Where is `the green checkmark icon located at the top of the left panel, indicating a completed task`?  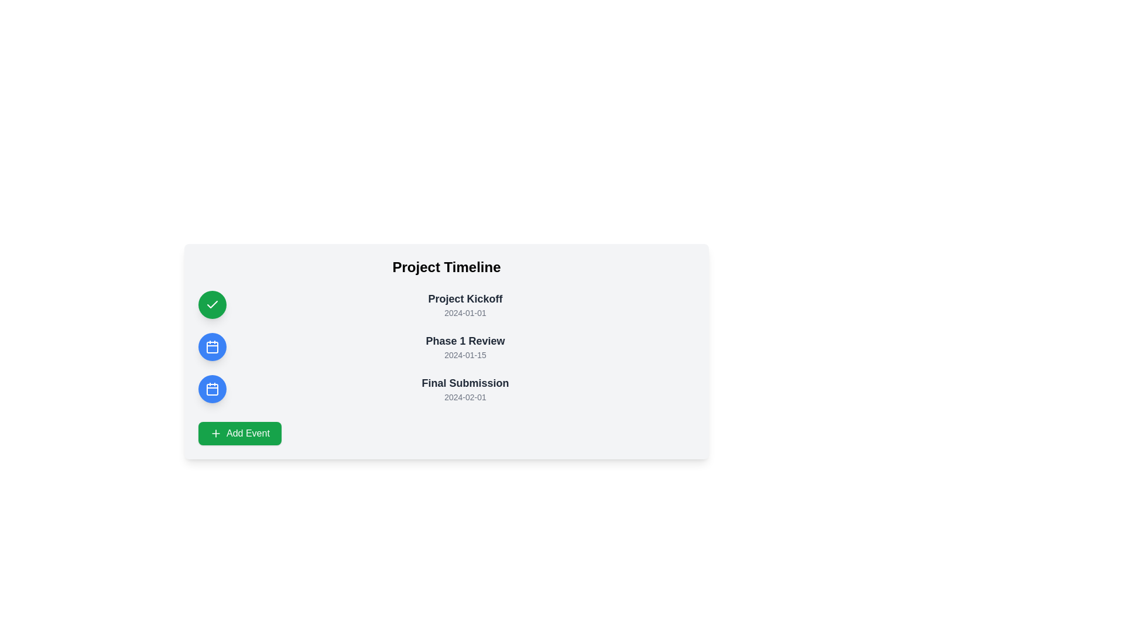 the green checkmark icon located at the top of the left panel, indicating a completed task is located at coordinates (213, 304).